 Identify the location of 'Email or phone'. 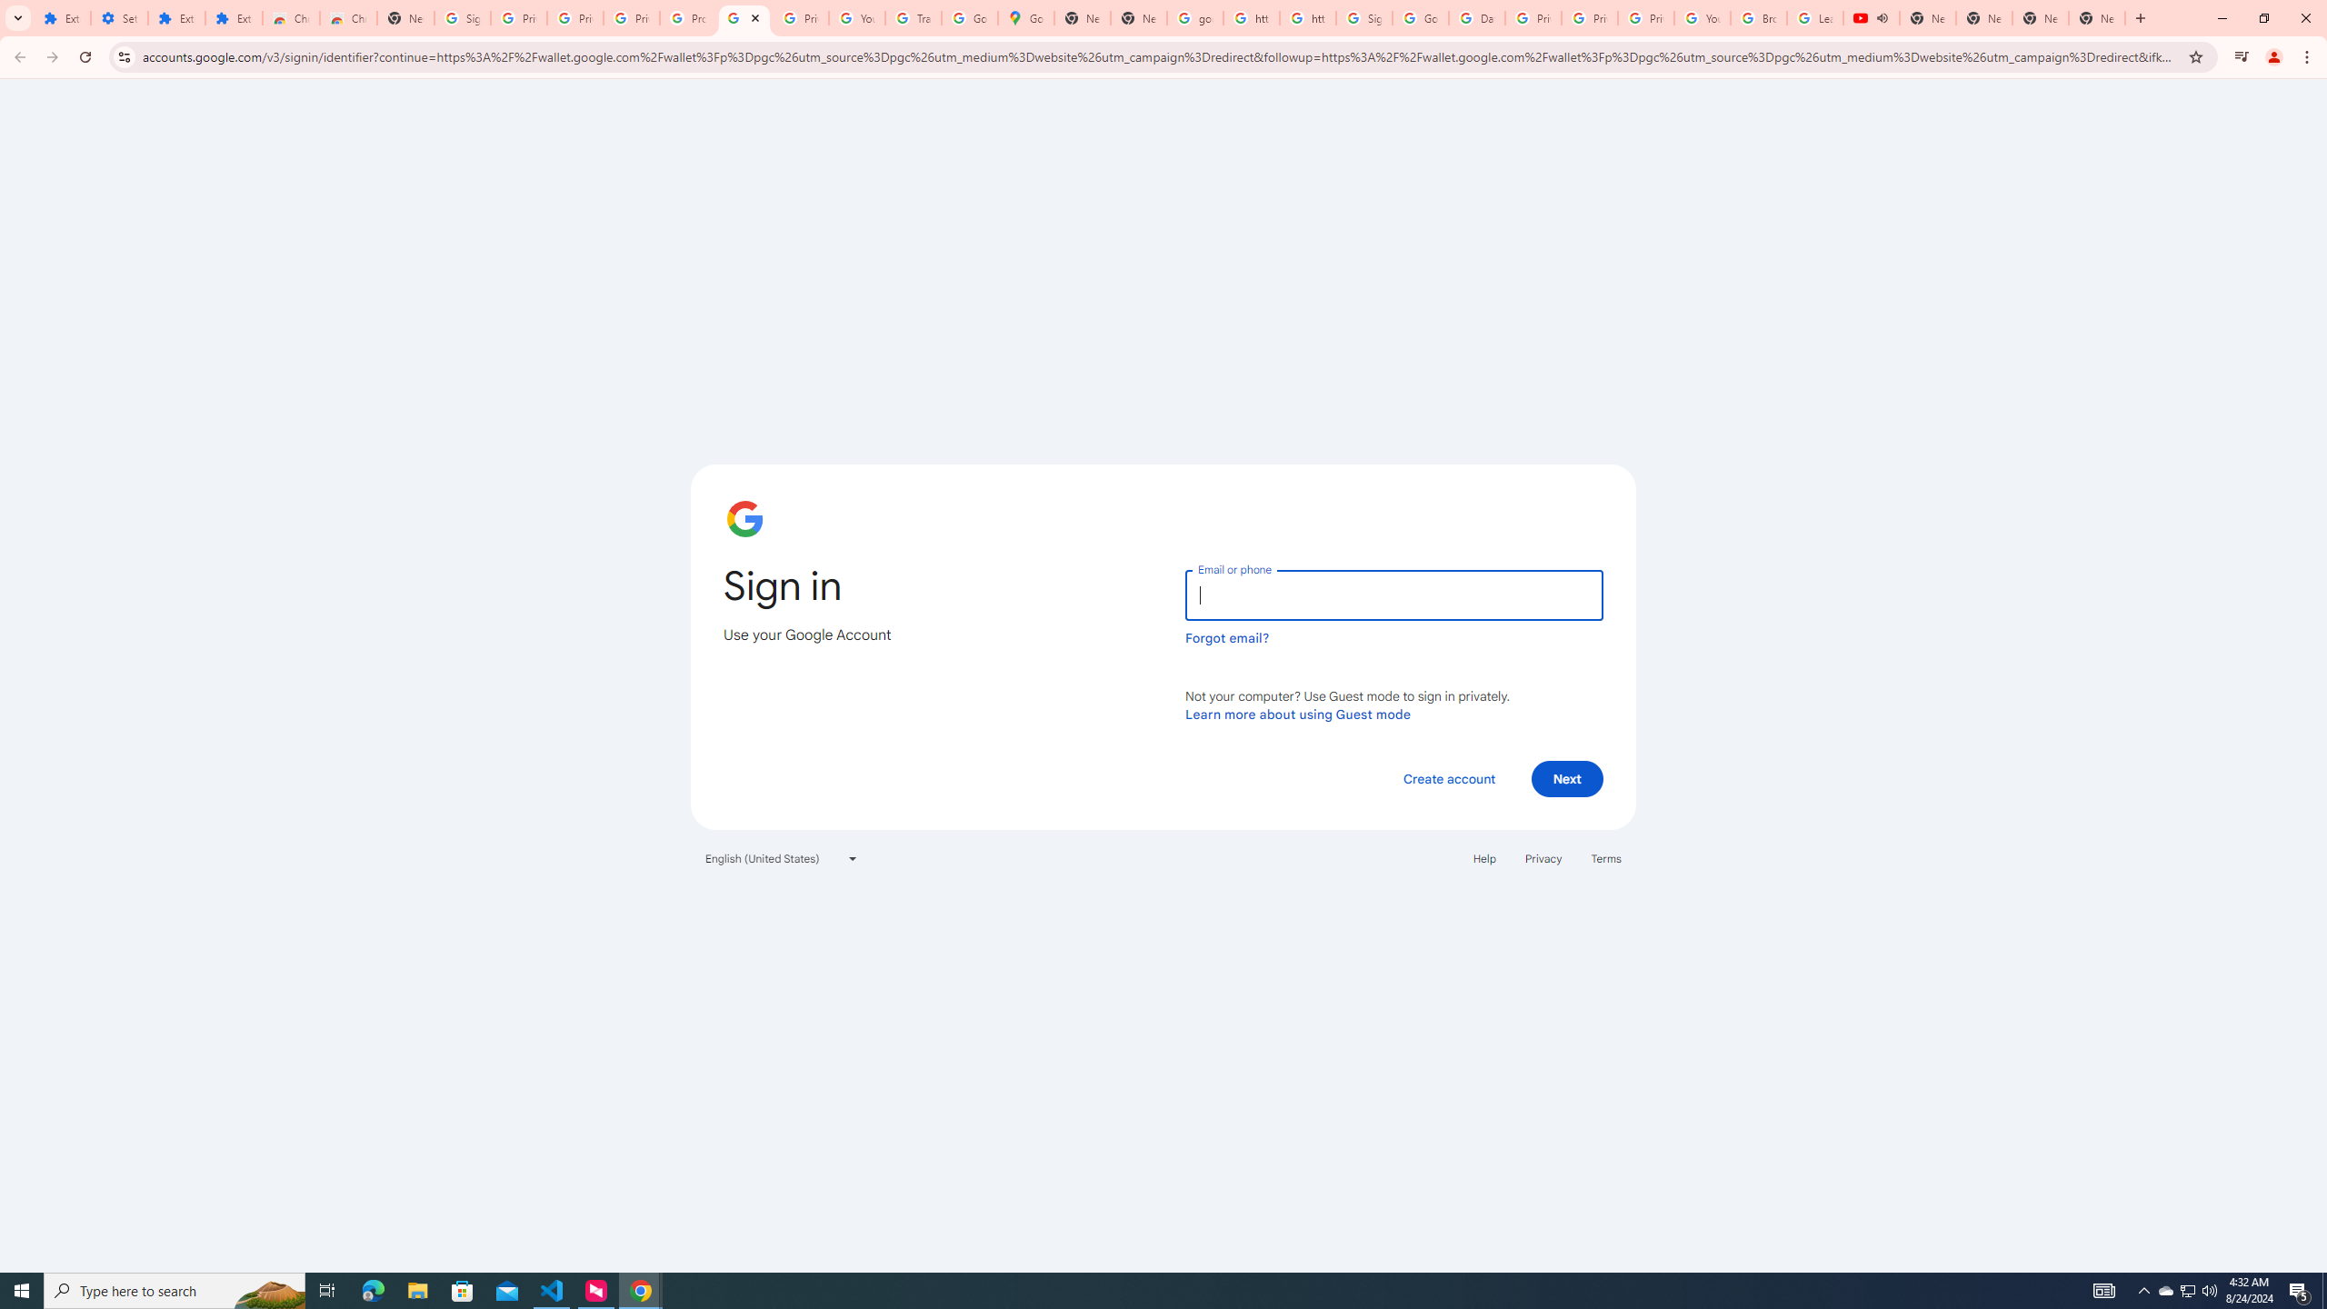
(1393, 595).